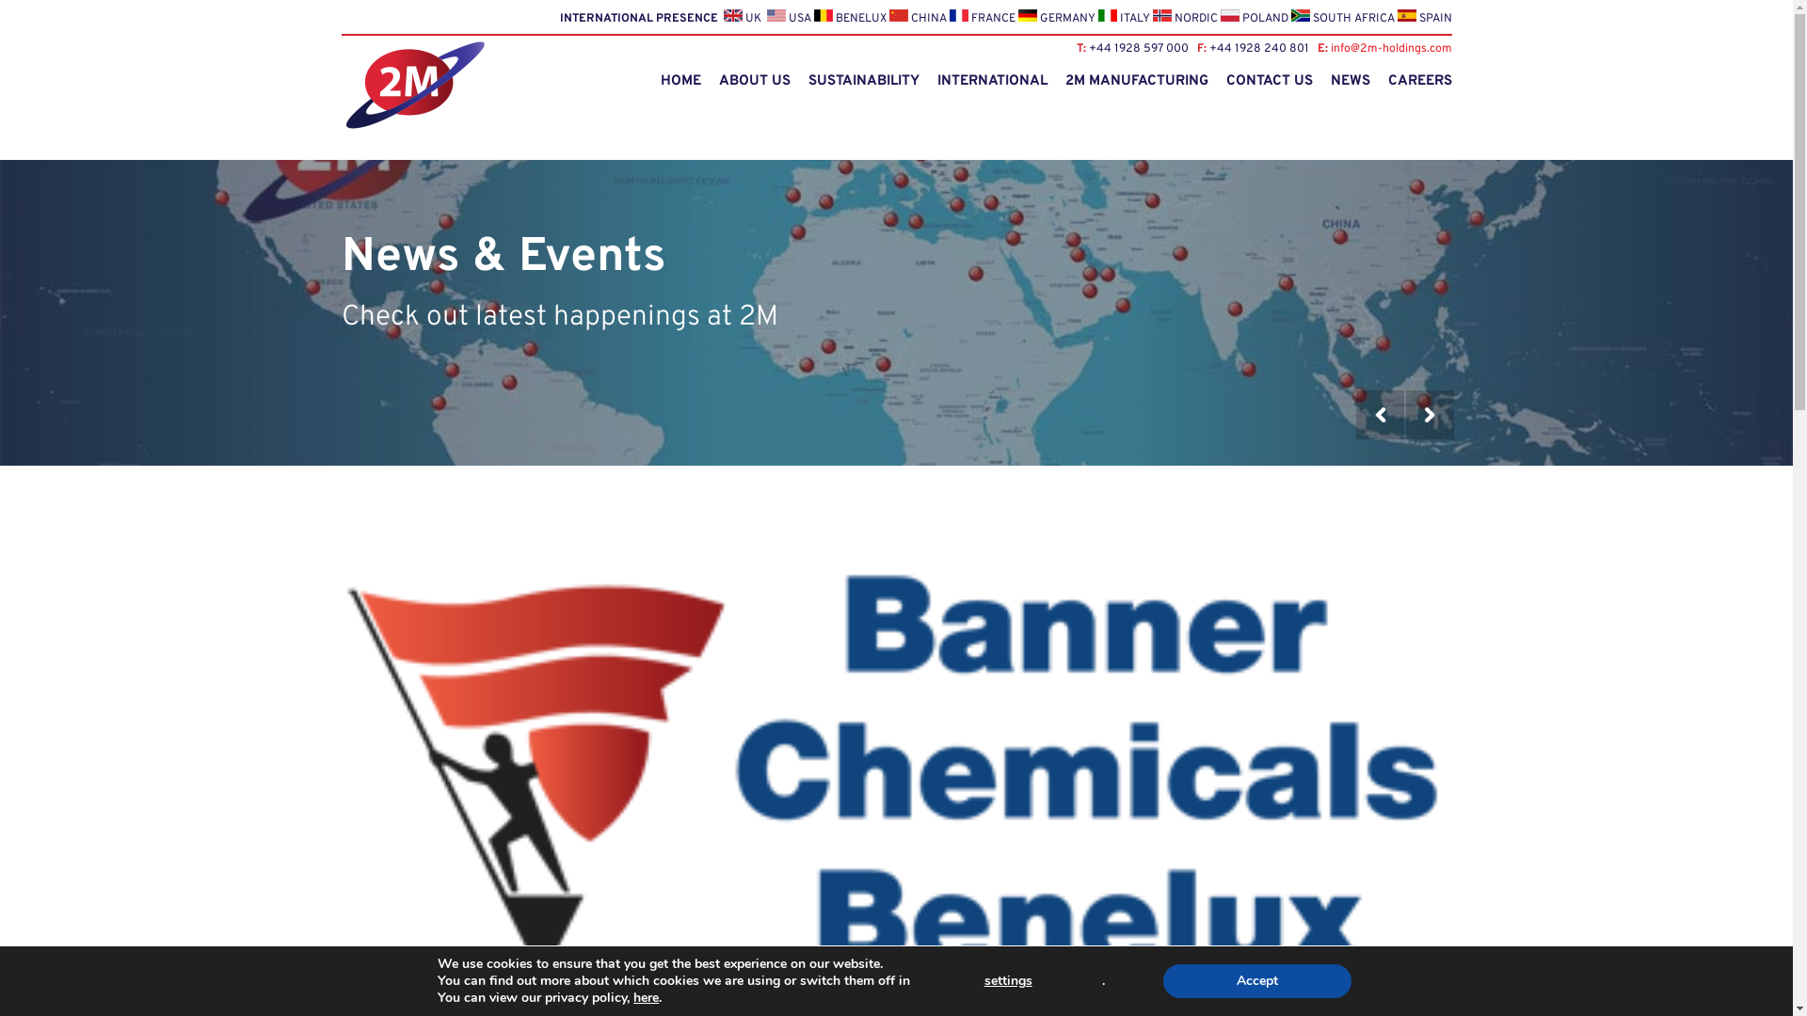 The width and height of the screenshot is (1807, 1016). What do you see at coordinates (1269, 80) in the screenshot?
I see `'CONTACT US'` at bounding box center [1269, 80].